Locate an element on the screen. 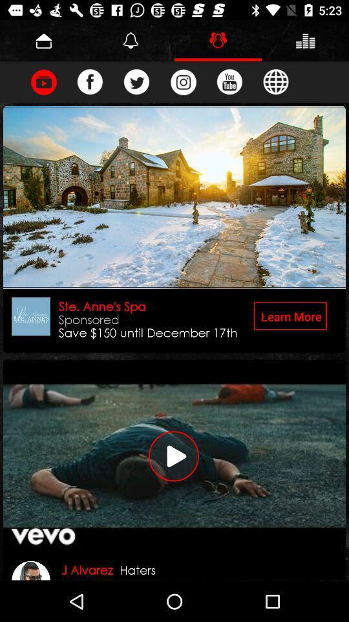  the facebook icon is located at coordinates (89, 81).